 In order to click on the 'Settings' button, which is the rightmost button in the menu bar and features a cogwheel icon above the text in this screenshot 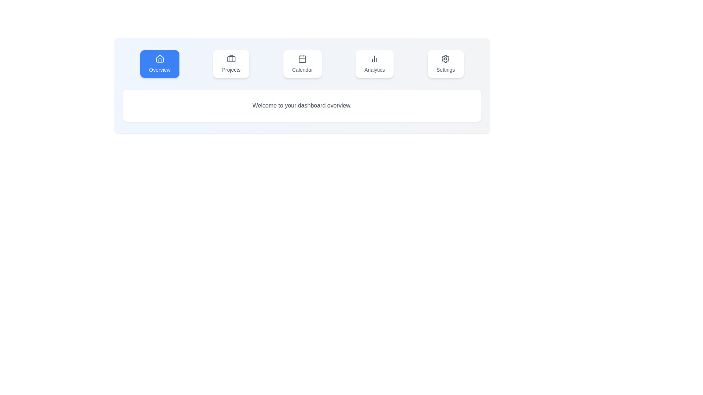, I will do `click(445, 63)`.